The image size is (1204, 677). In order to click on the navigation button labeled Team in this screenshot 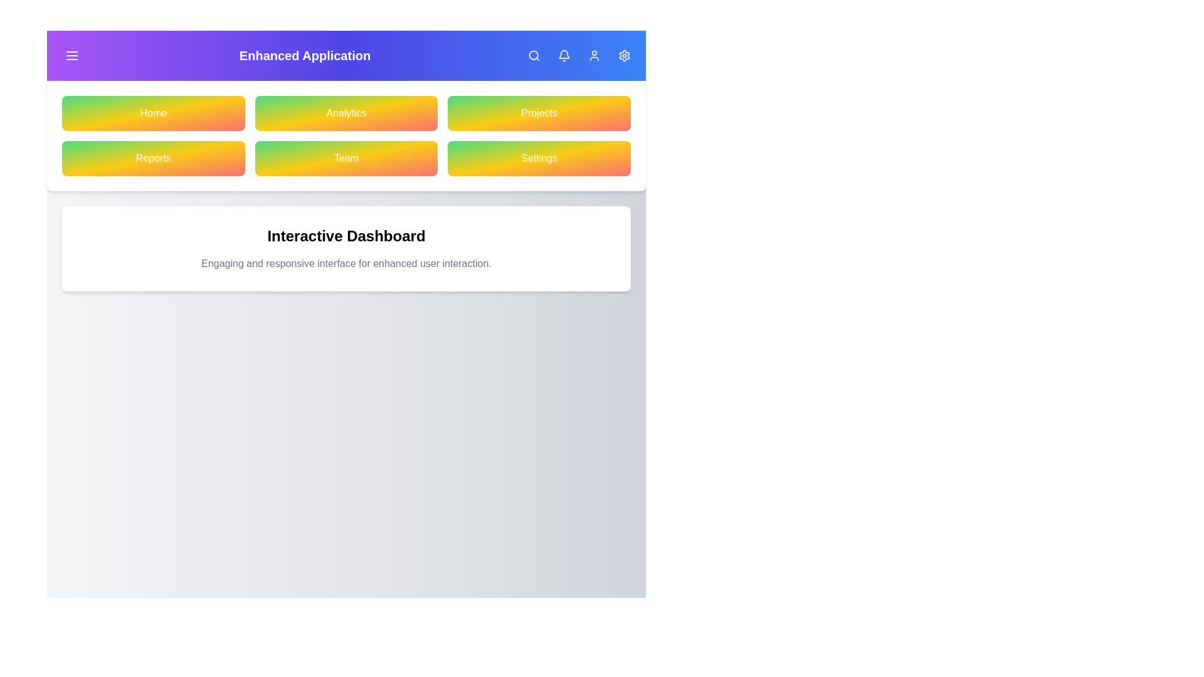, I will do `click(346, 158)`.